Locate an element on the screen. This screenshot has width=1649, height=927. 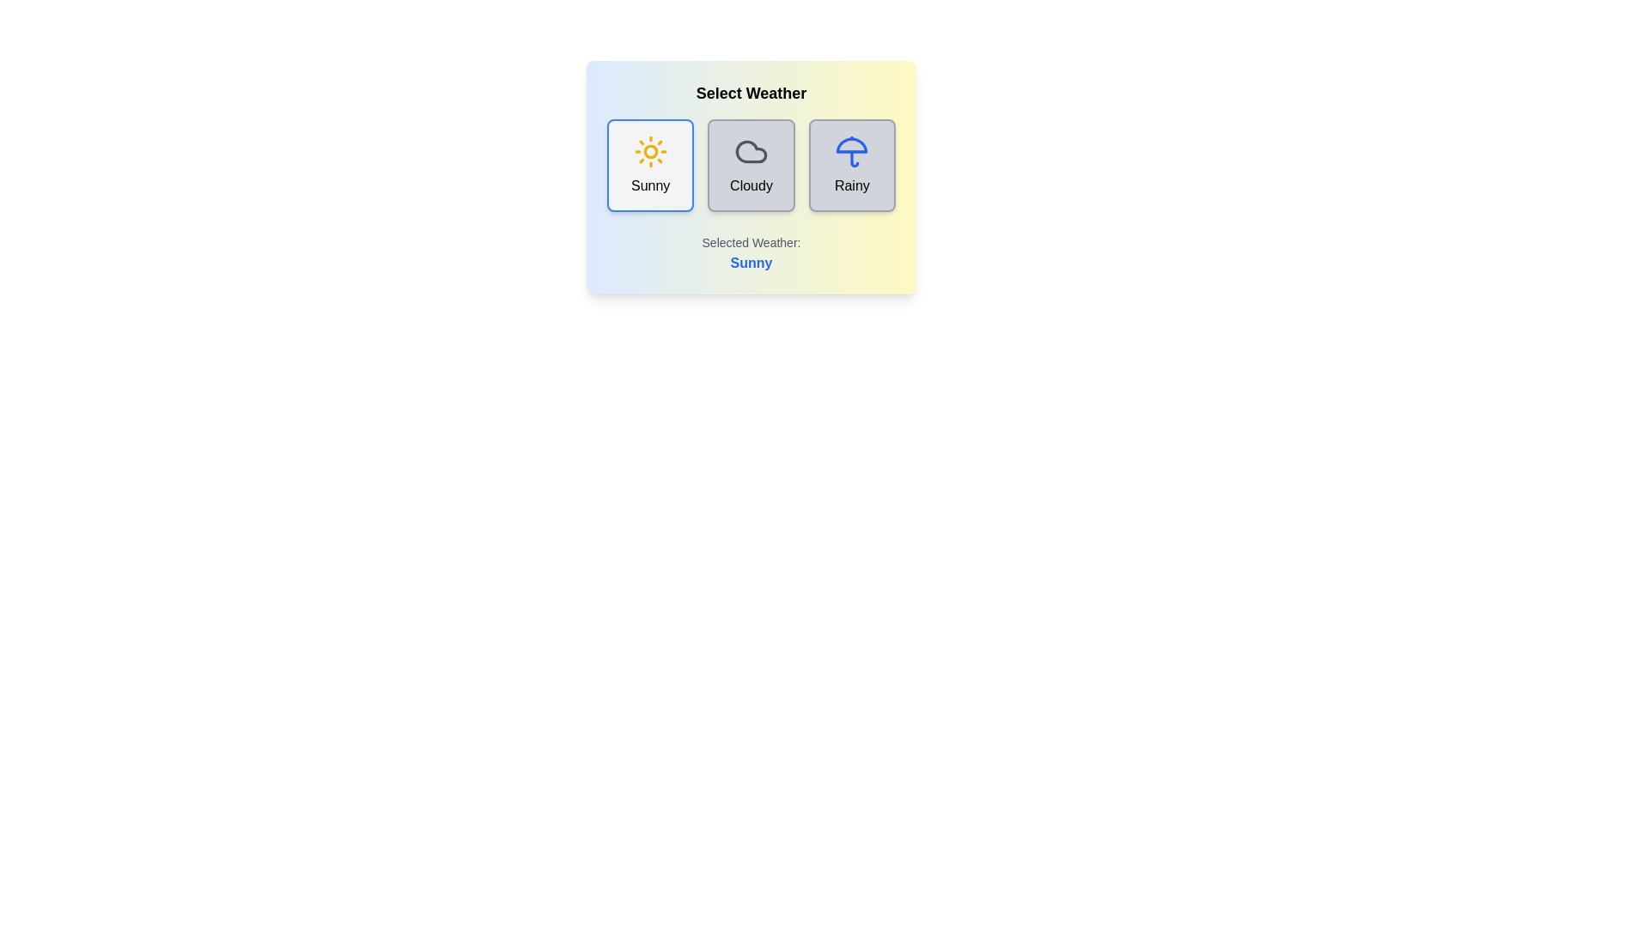
the Cloudy button to select the corresponding weather is located at coordinates (751, 165).